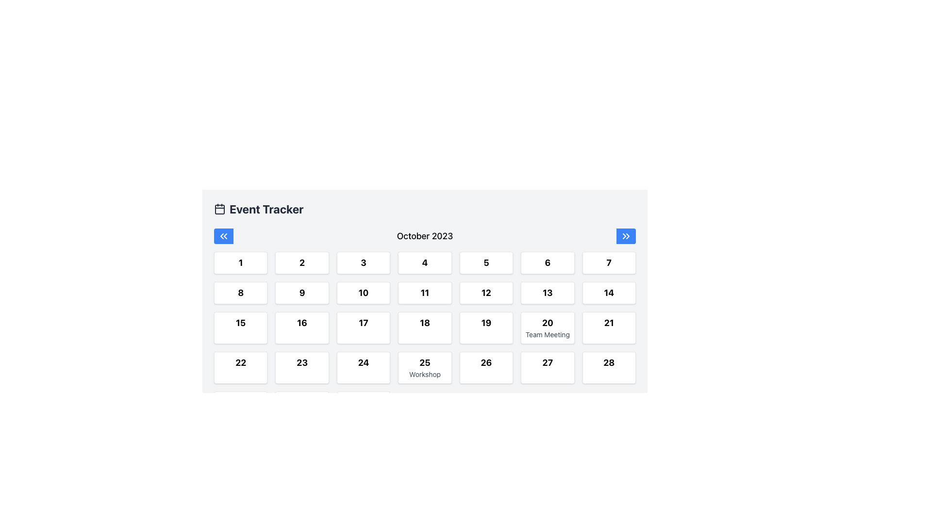 The image size is (932, 524). I want to click on the Calendar date entry displaying the number '3', which is the third entry in the first row of the grid layout, so click(363, 263).